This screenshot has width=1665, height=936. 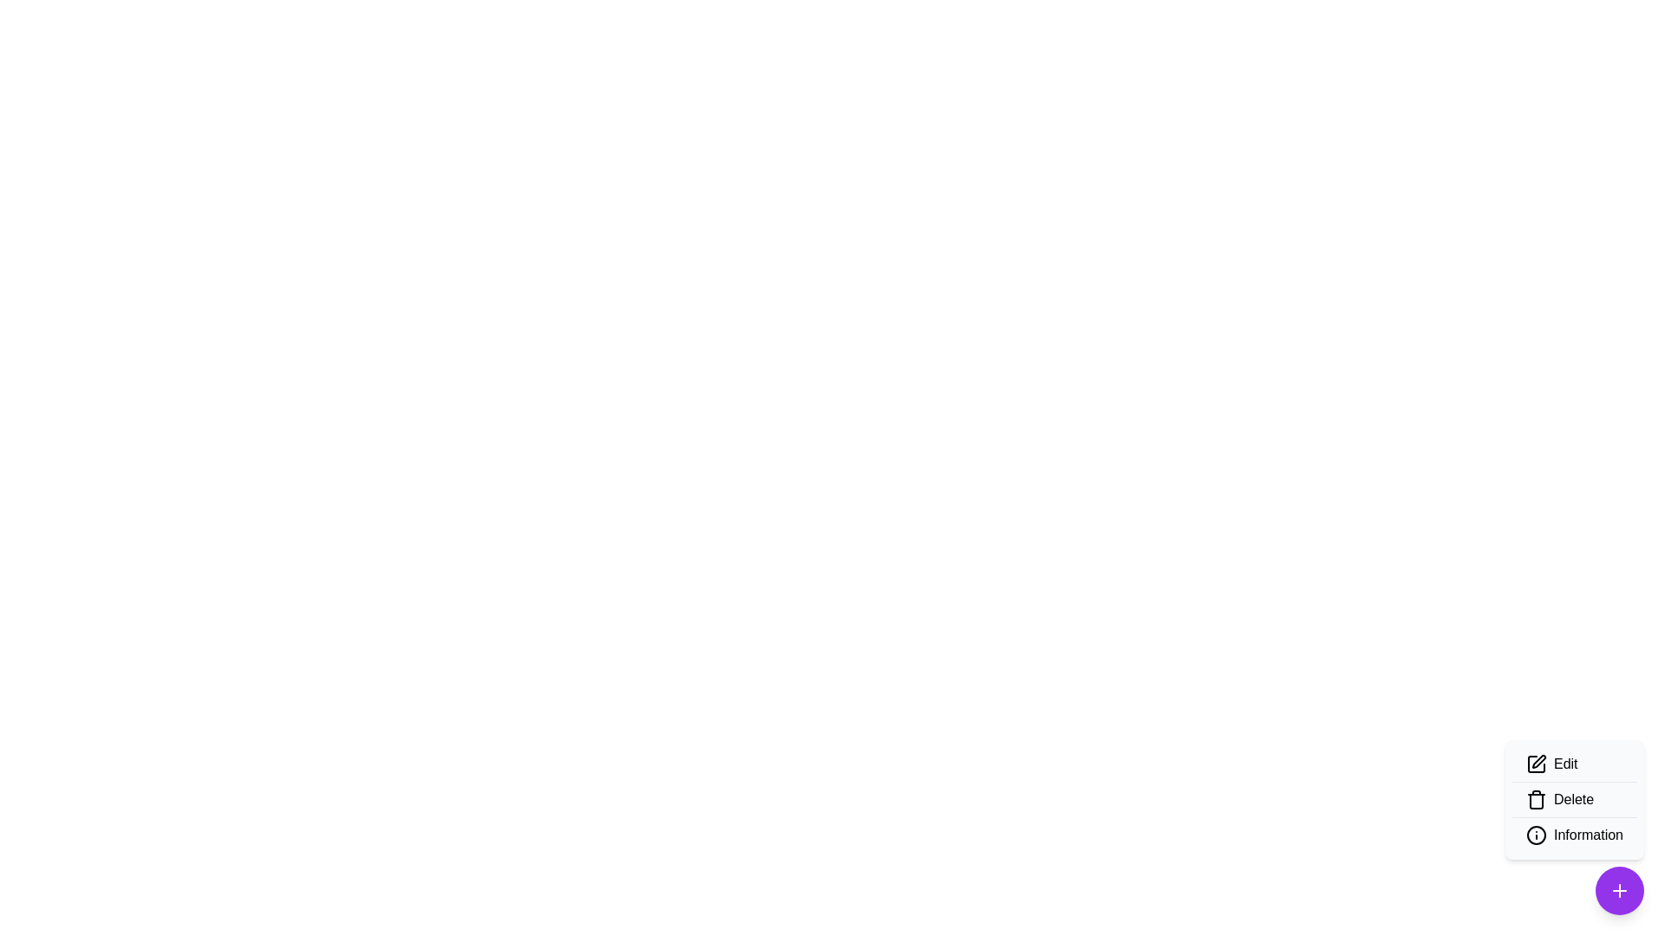 What do you see at coordinates (1536, 799) in the screenshot?
I see `the 'Delete' icon located in the action menu, positioned below the 'Edit' option and above the 'Information' option` at bounding box center [1536, 799].